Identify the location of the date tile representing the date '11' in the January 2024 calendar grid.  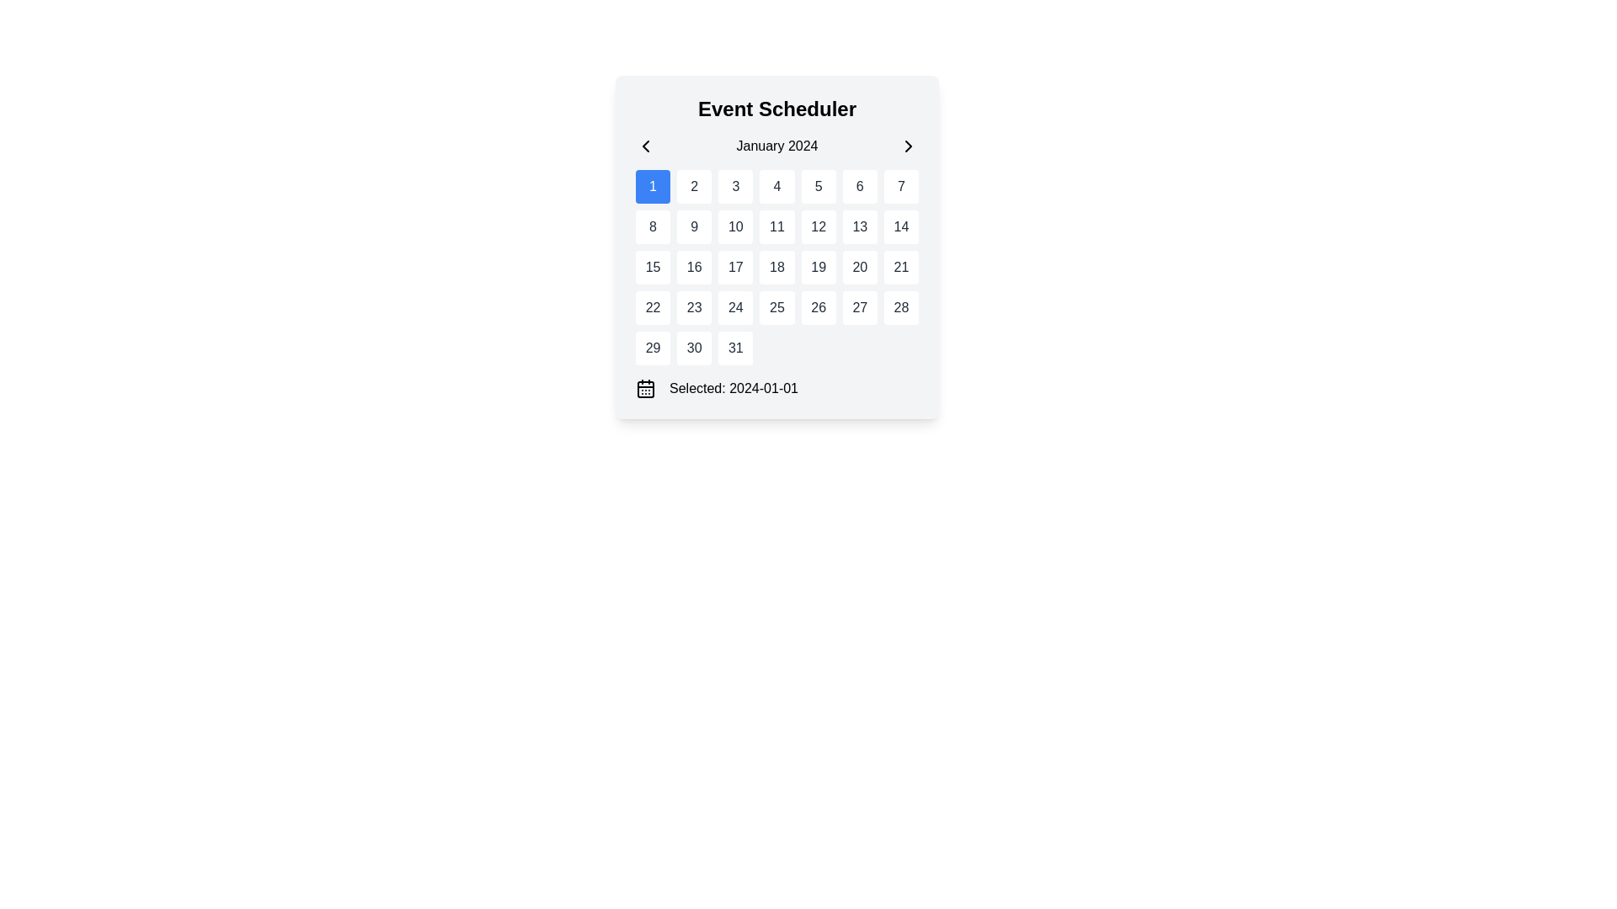
(776, 227).